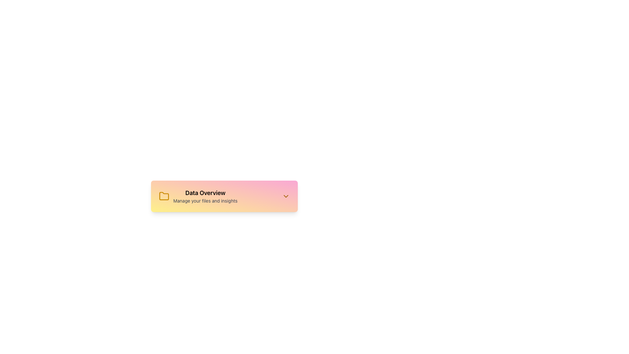 The height and width of the screenshot is (354, 629). I want to click on the static text label that provides descriptive information related to the 'Data Overview' section, located immediately below the 'Data Overview' text, so click(205, 201).